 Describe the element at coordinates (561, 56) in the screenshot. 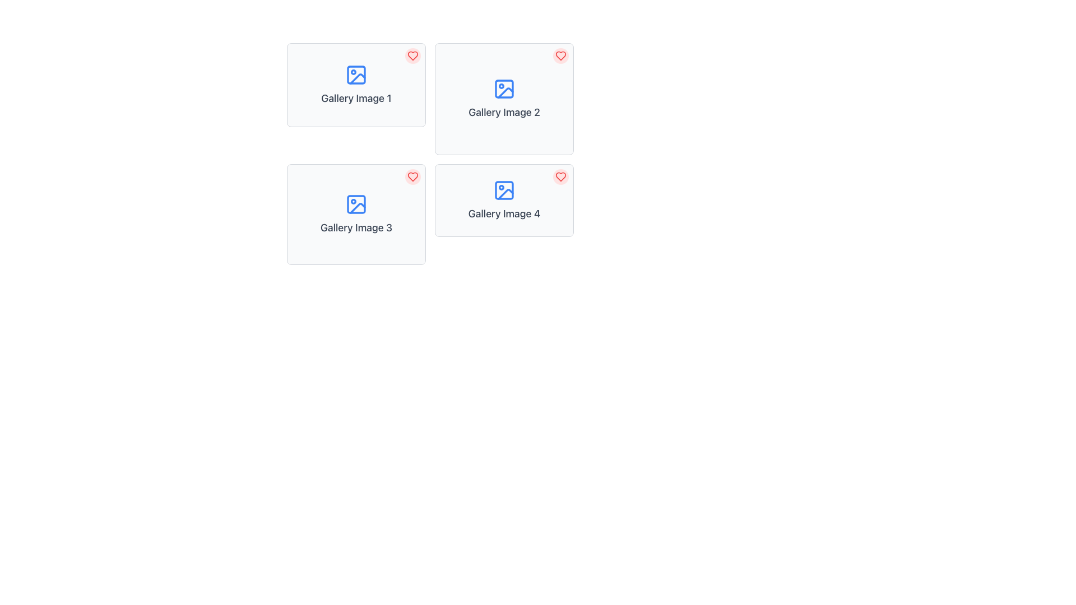

I see `the circular button with a light red background and a heart icon located at the upper-right corner of the 'Gallery Image 2' card` at that location.